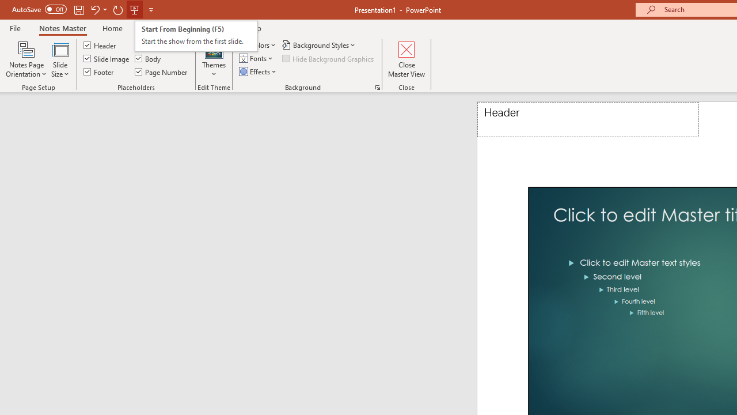  What do you see at coordinates (407, 59) in the screenshot?
I see `'Close Master View'` at bounding box center [407, 59].